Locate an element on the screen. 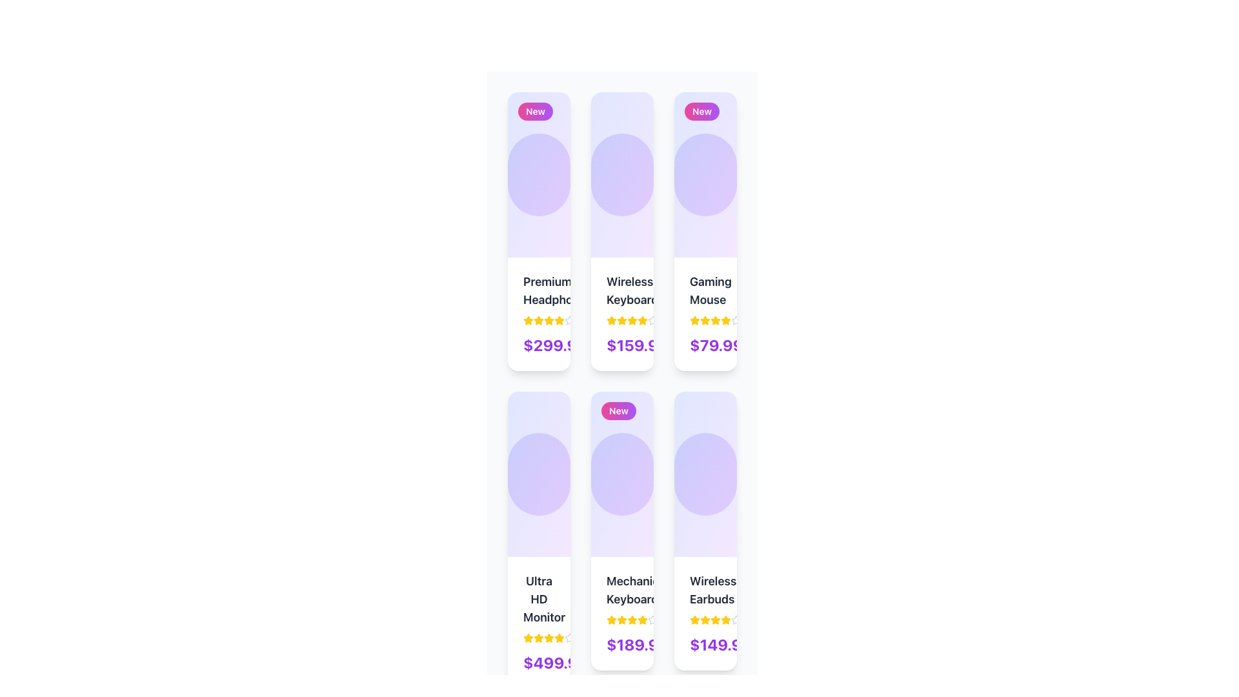 The image size is (1239, 697). the fourth yellow star icon in the rating system to rate it is located at coordinates (549, 320).